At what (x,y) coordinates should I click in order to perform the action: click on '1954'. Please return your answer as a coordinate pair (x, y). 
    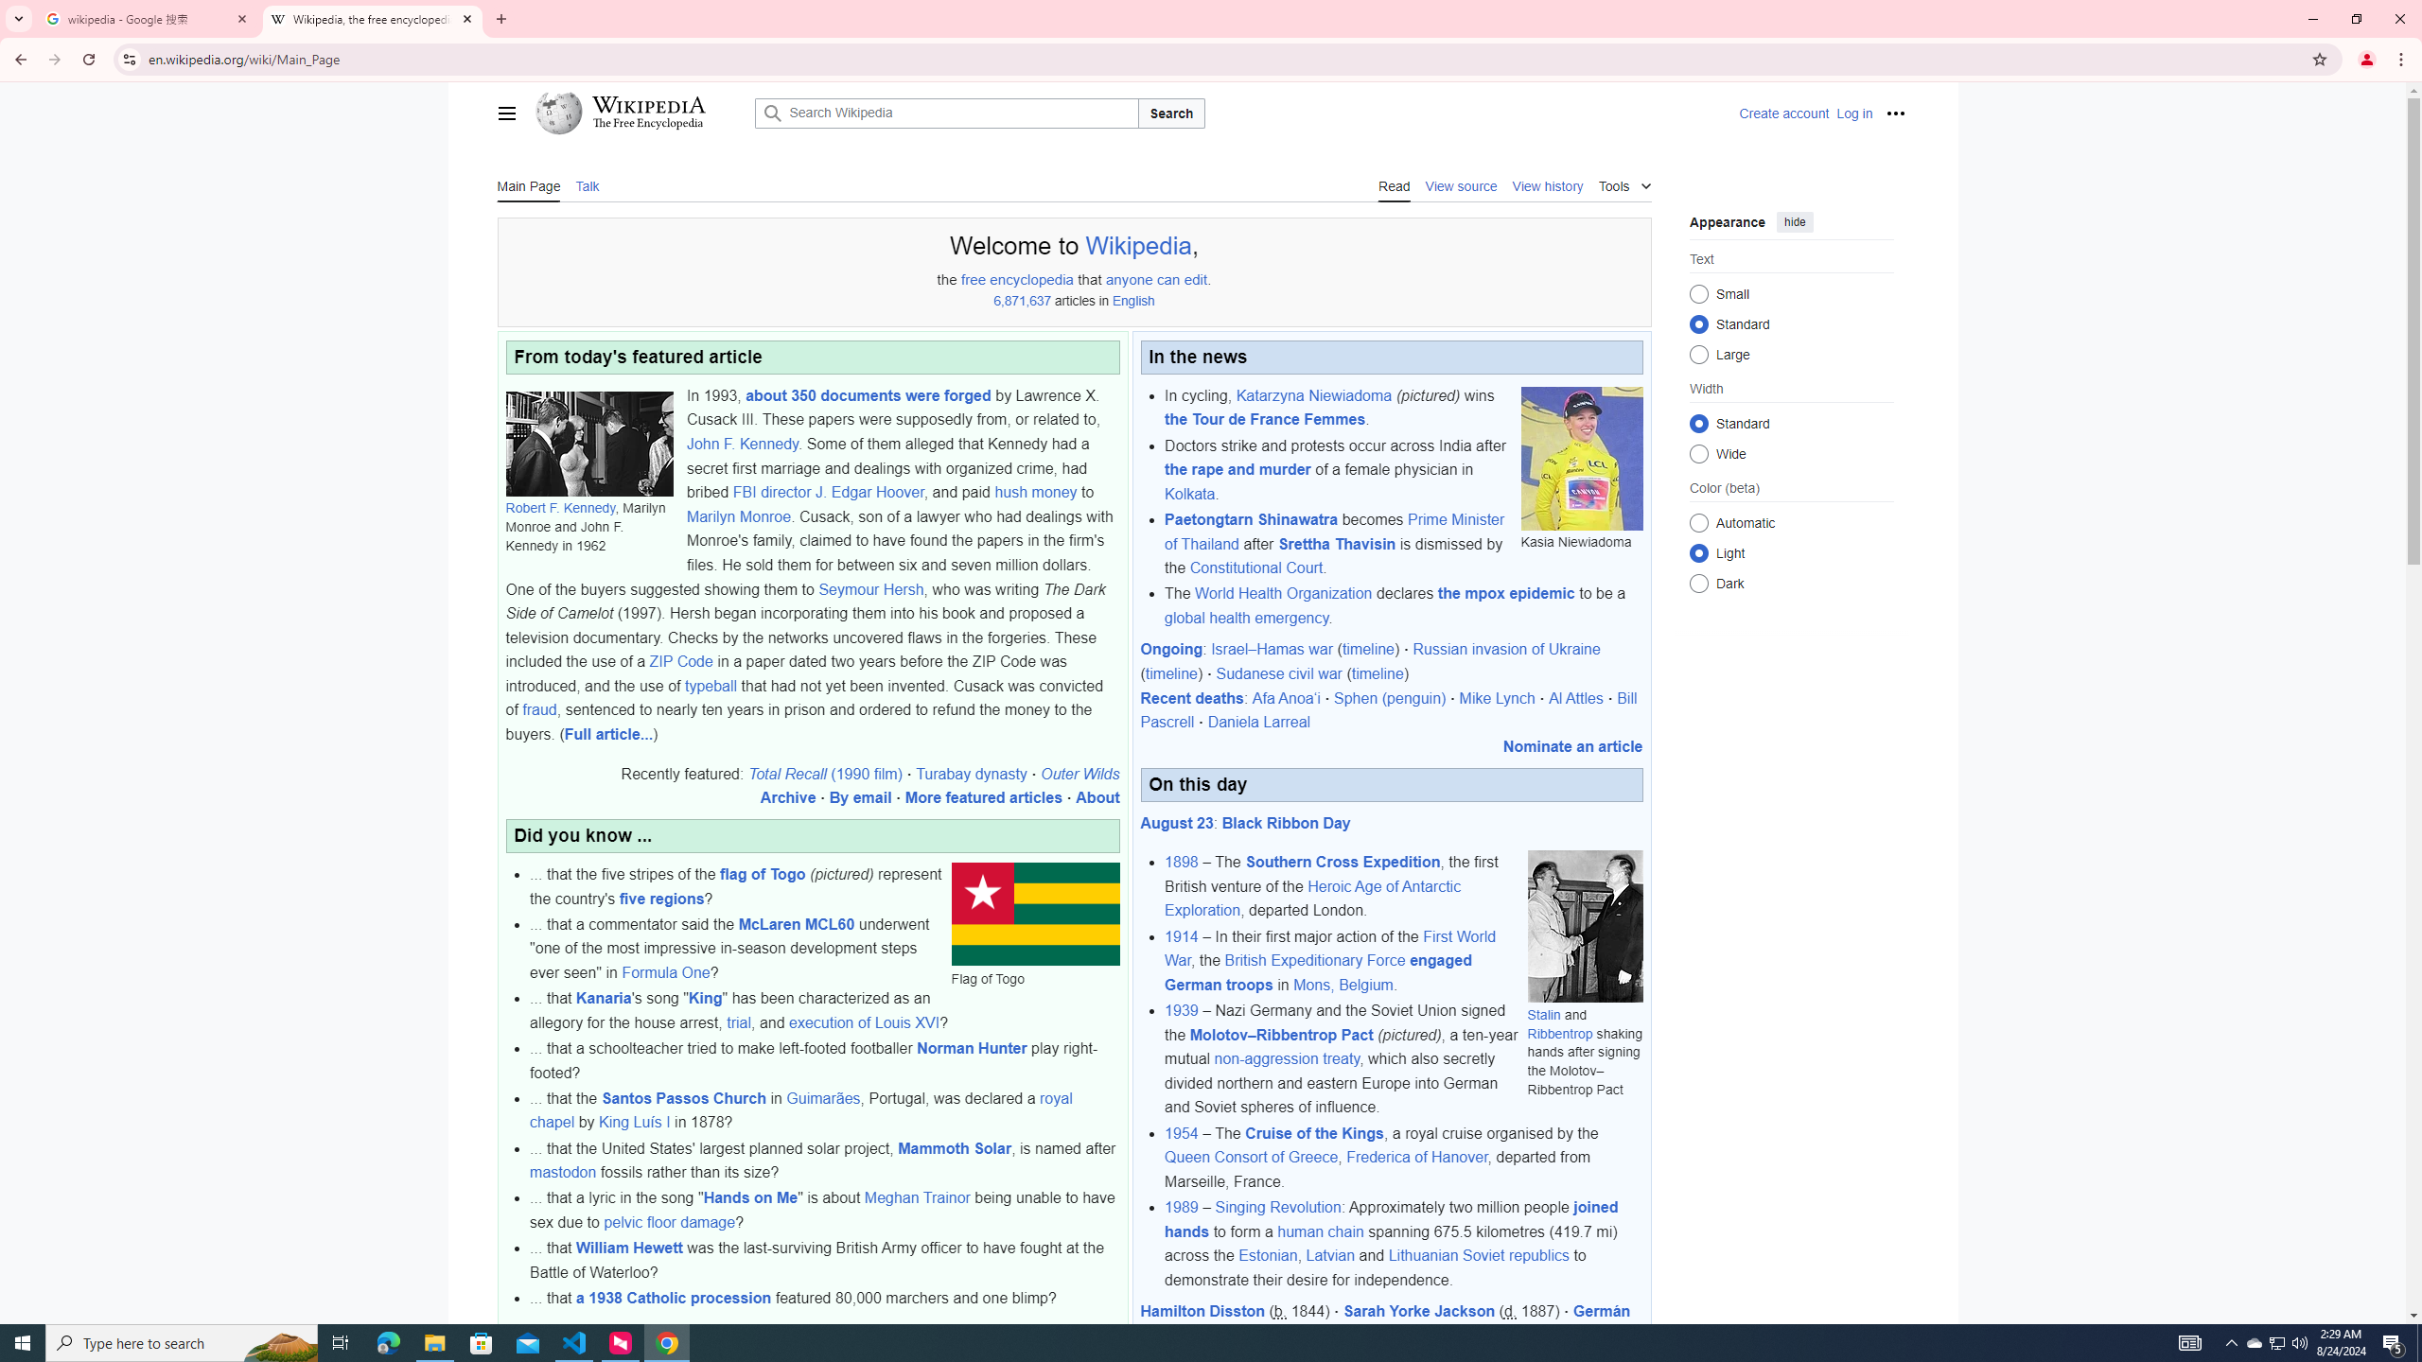
    Looking at the image, I should click on (1181, 1133).